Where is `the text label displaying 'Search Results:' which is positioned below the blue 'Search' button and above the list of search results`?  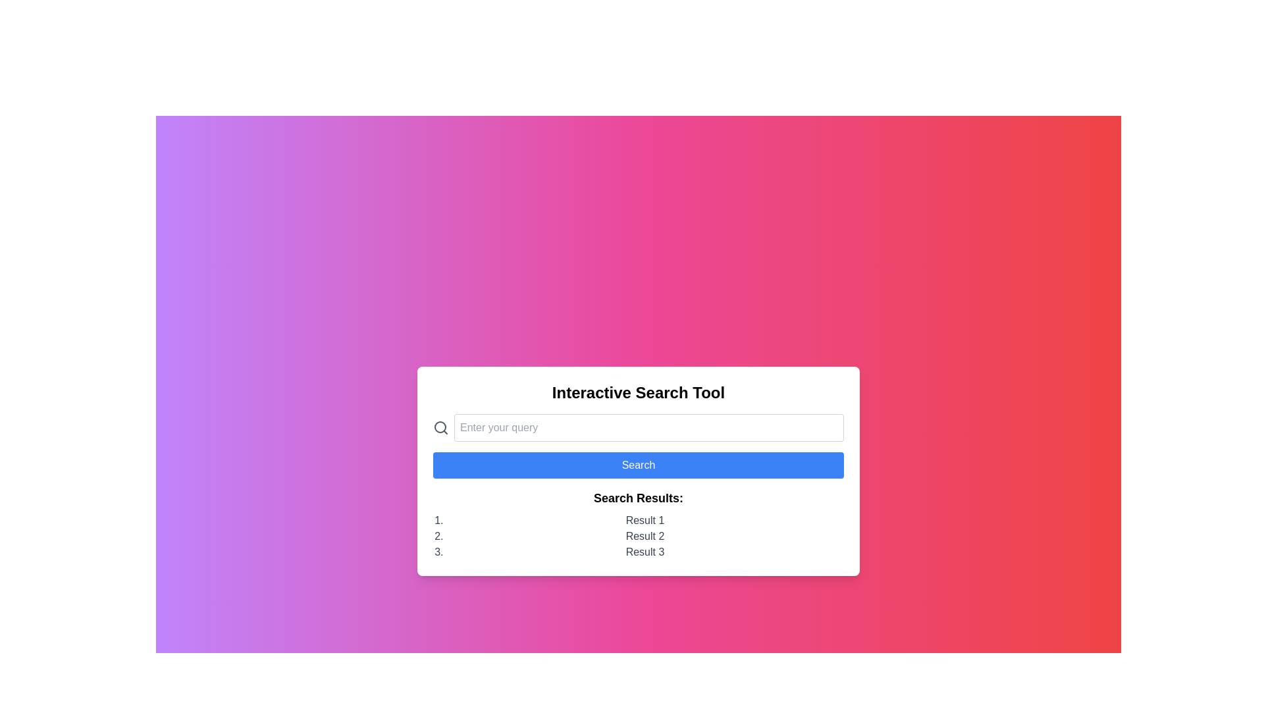 the text label displaying 'Search Results:' which is positioned below the blue 'Search' button and above the list of search results is located at coordinates (638, 498).